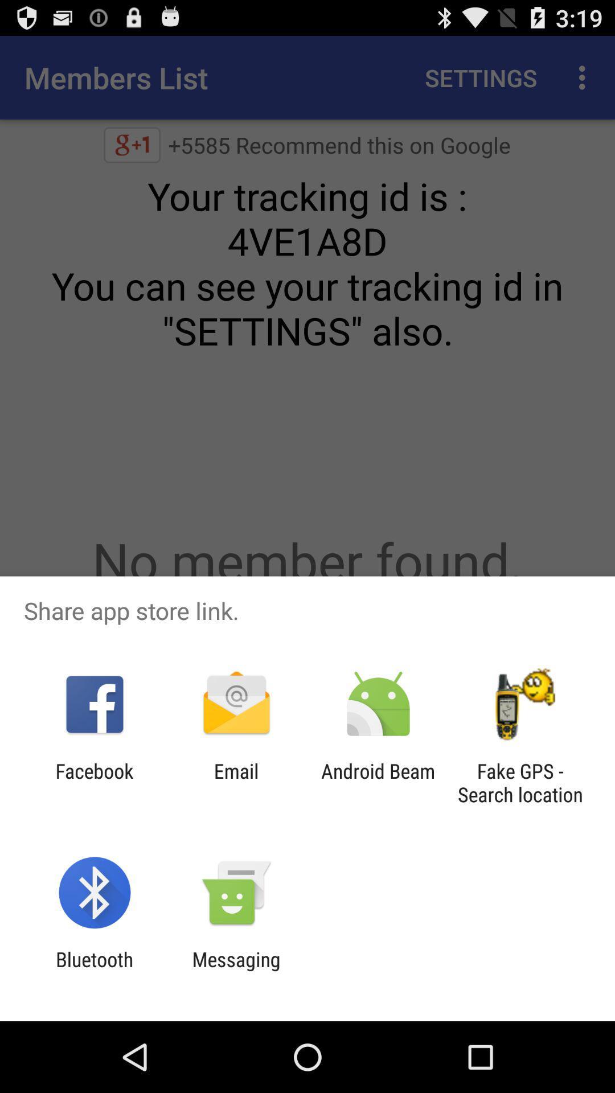  I want to click on android beam, so click(378, 782).